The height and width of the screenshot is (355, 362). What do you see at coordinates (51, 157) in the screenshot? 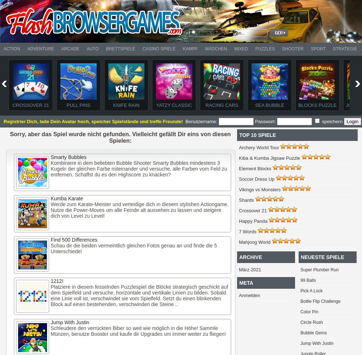
I see `'Smarty Bubbles'` at bounding box center [51, 157].